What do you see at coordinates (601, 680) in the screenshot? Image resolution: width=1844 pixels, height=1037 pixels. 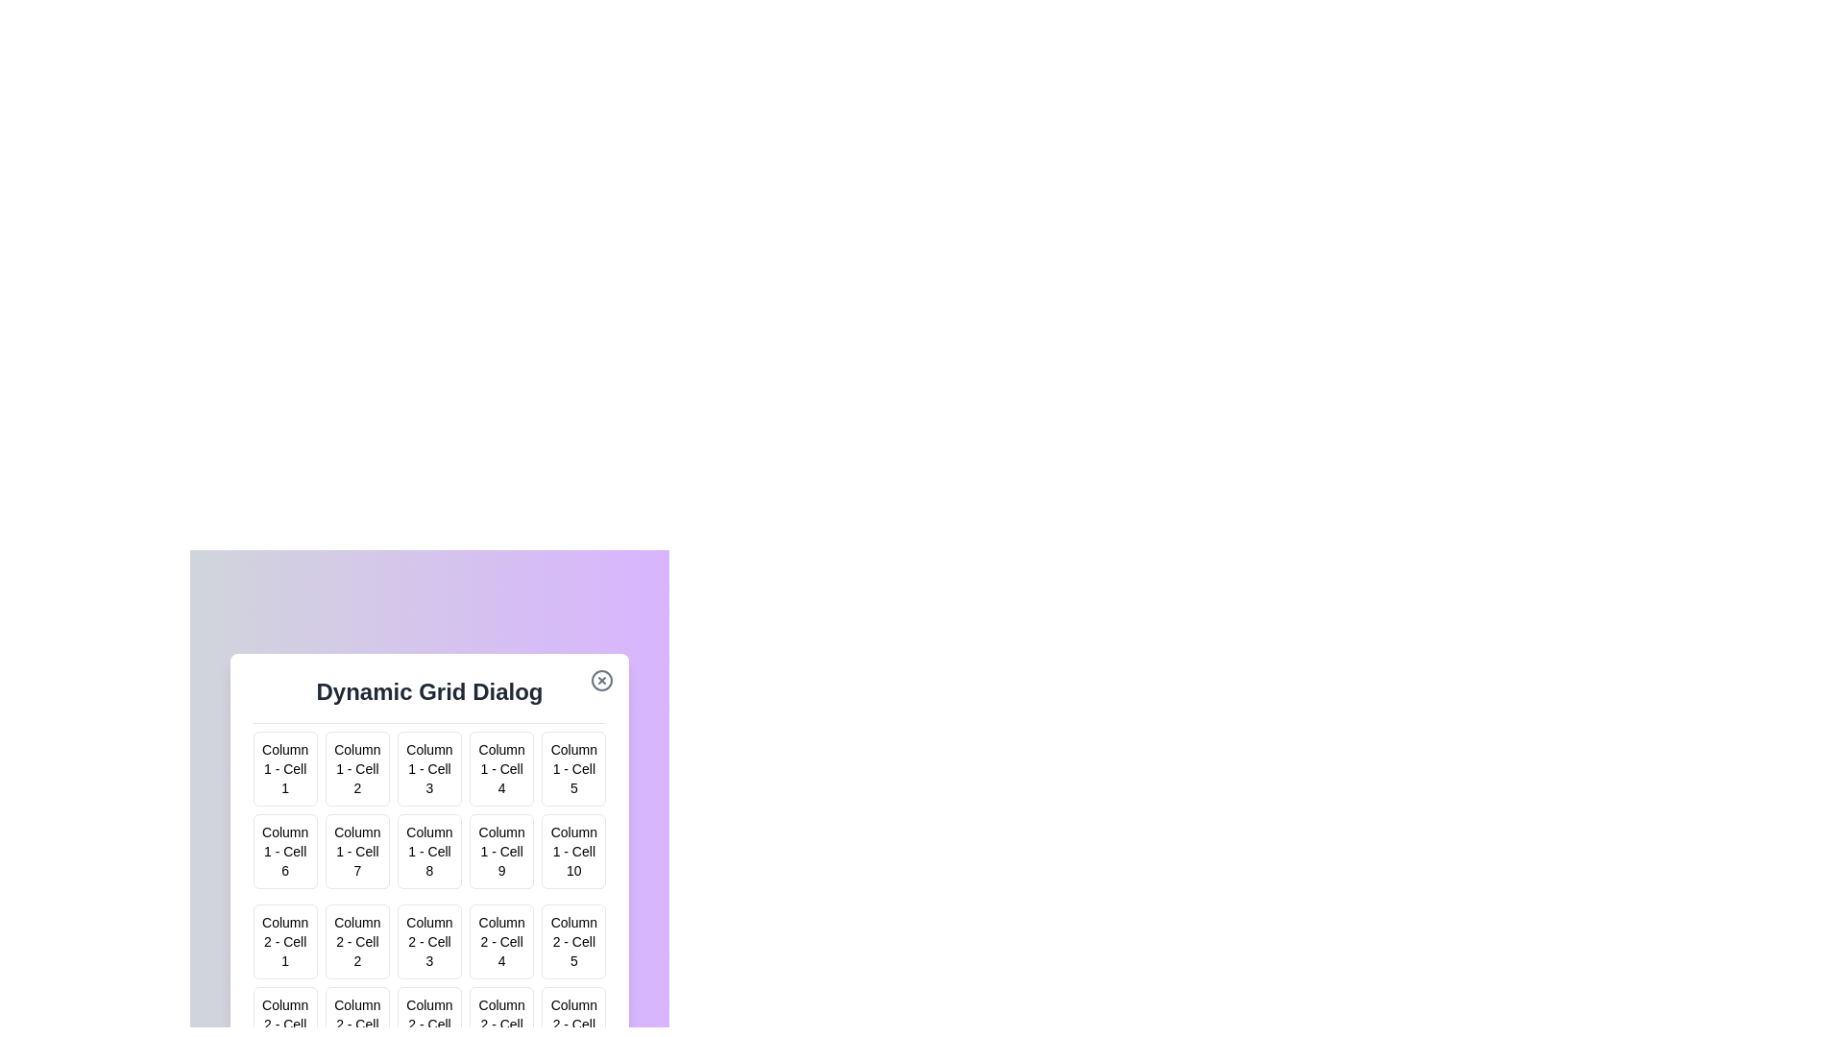 I see `the close button to close the dialog` at bounding box center [601, 680].